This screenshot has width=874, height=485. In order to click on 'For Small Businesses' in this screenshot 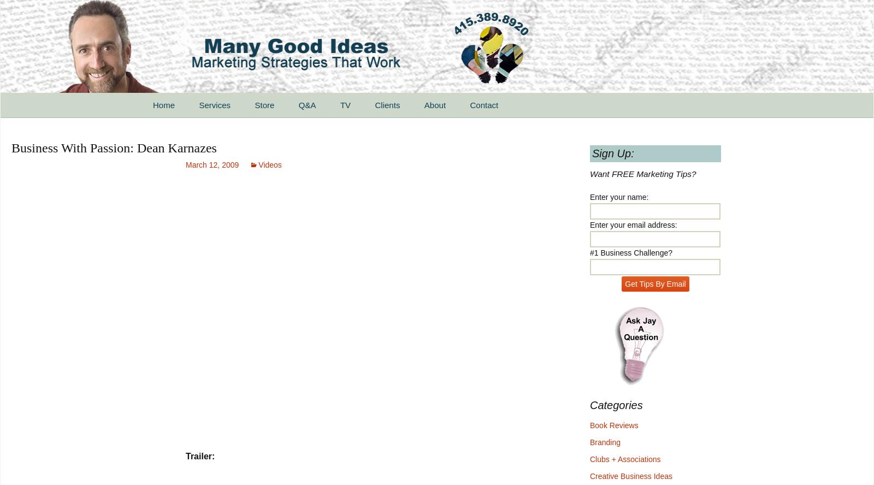, I will do `click(238, 153)`.